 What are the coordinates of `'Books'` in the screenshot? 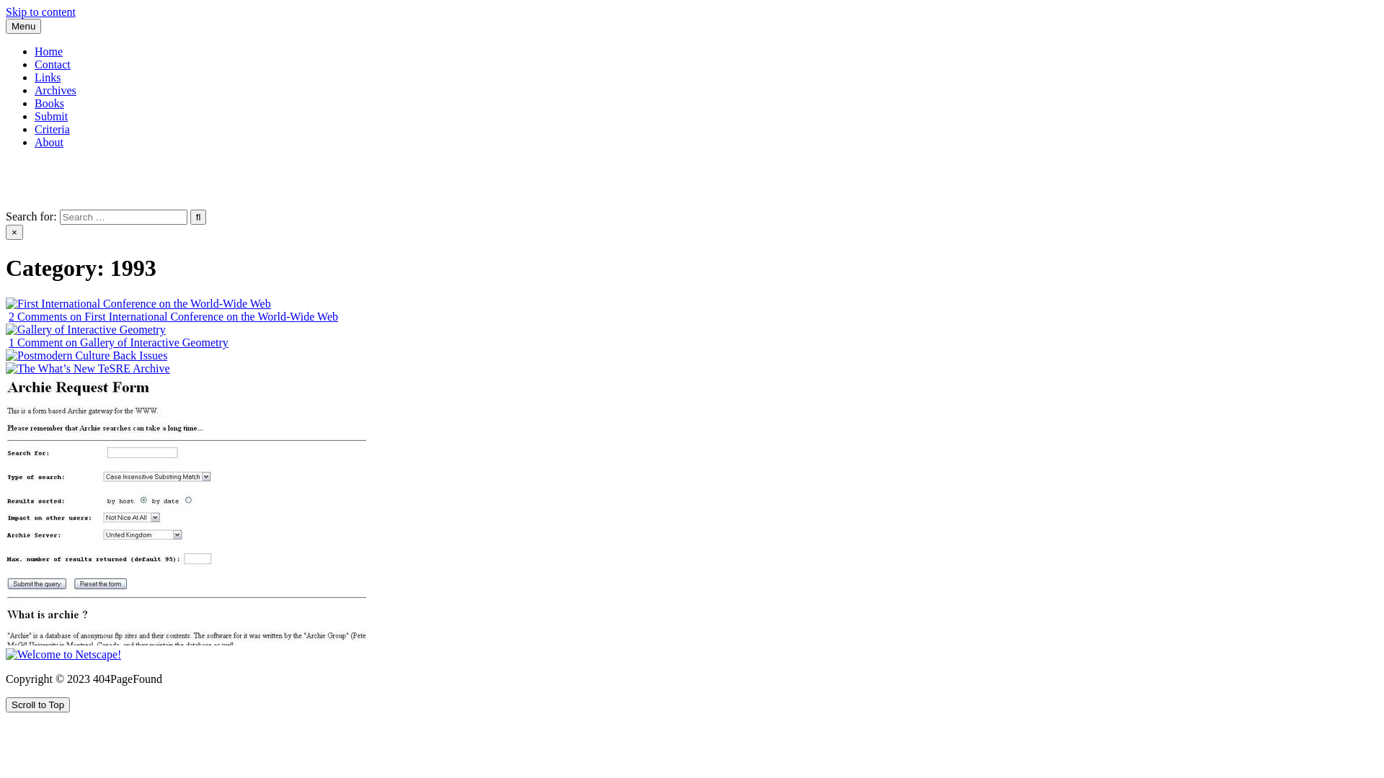 It's located at (49, 102).